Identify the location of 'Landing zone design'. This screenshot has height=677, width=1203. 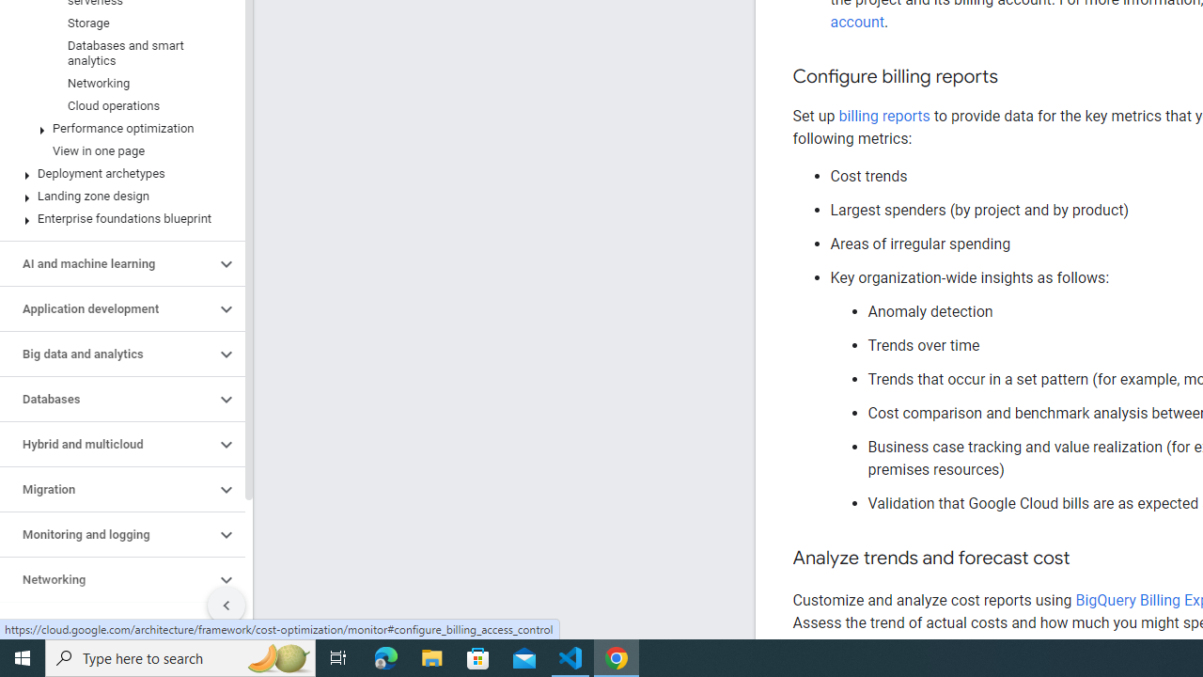
(117, 197).